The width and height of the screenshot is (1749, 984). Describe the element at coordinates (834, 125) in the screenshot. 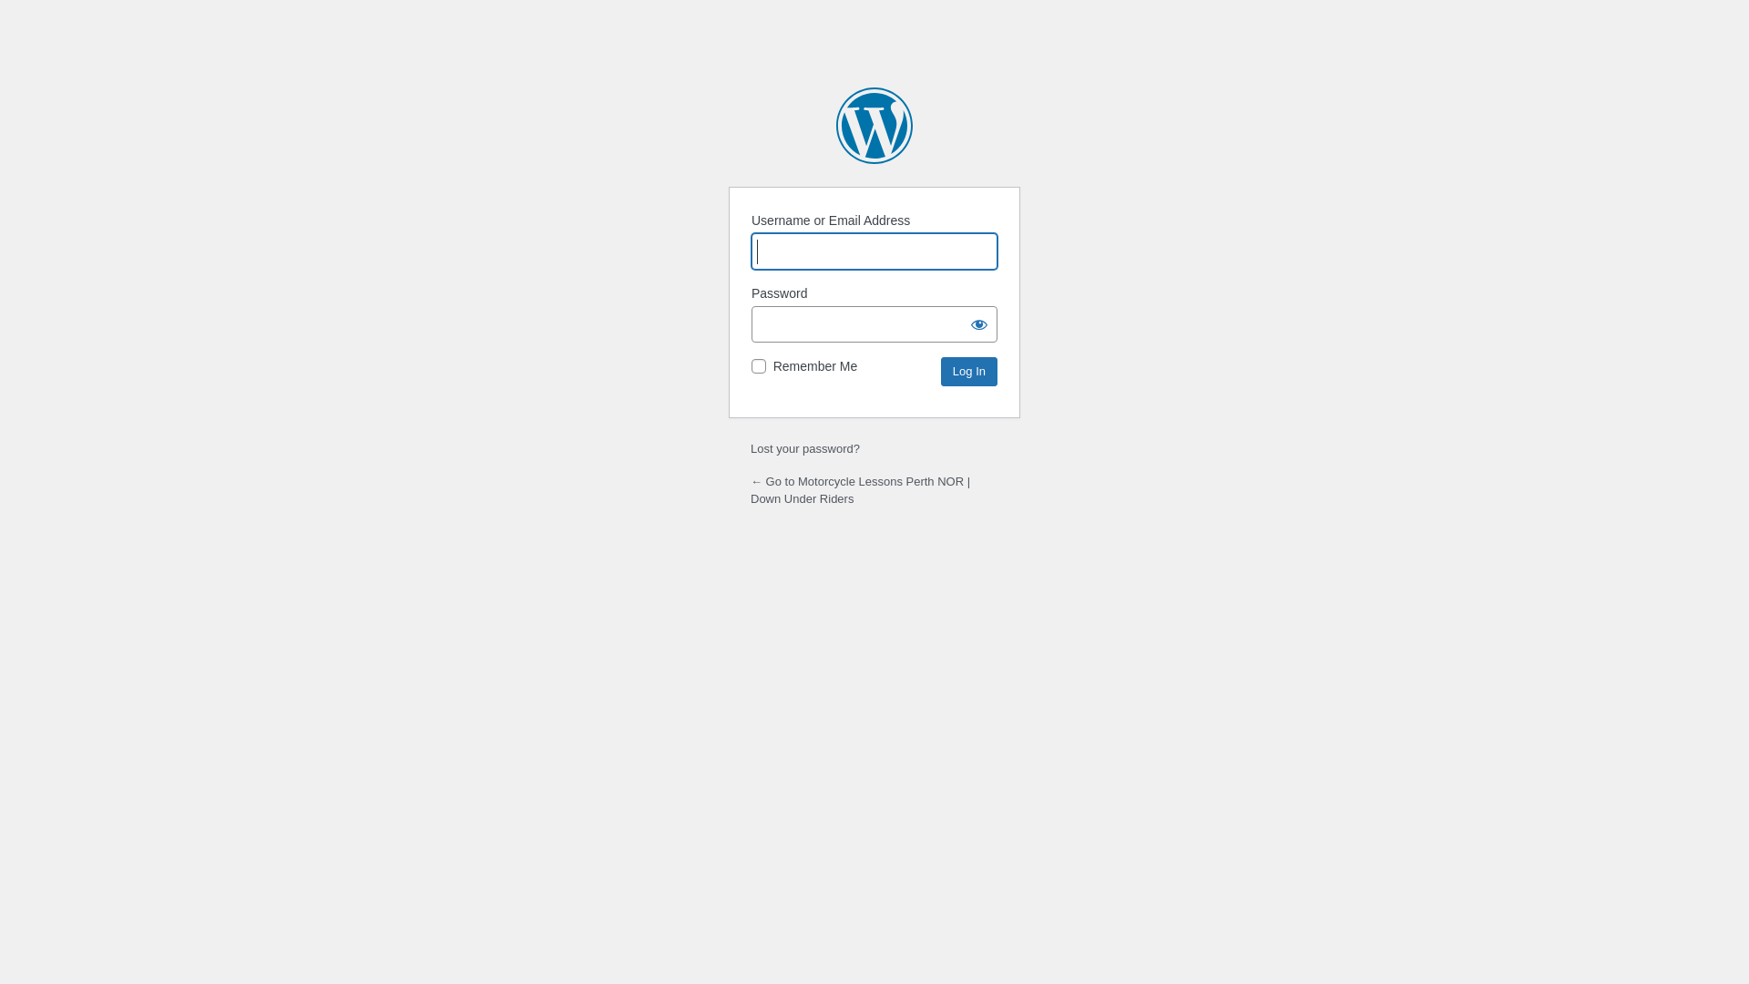

I see `'Motorcycle Lessons Perth NOR | Down Under Riders'` at that location.